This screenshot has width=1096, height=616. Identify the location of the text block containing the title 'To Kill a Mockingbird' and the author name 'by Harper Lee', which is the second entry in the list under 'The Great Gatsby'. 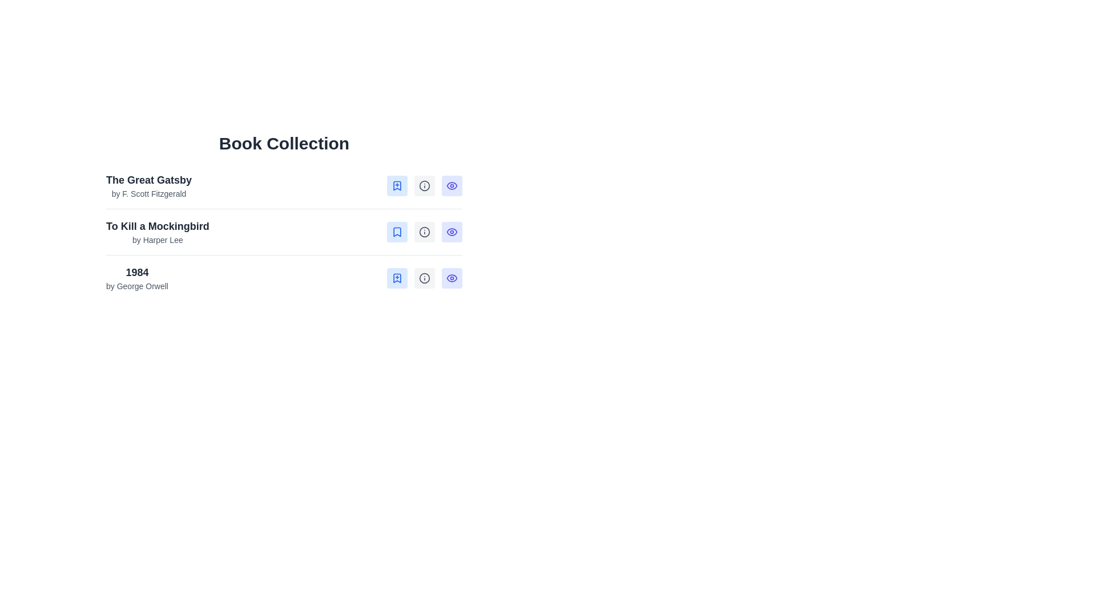
(157, 232).